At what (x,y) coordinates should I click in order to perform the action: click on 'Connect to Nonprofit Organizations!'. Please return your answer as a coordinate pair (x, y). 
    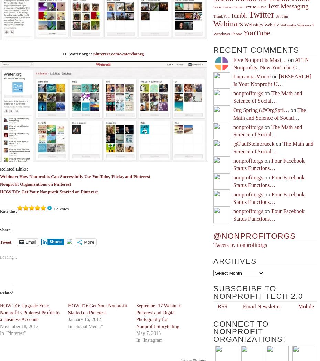
    Looking at the image, I should click on (249, 331).